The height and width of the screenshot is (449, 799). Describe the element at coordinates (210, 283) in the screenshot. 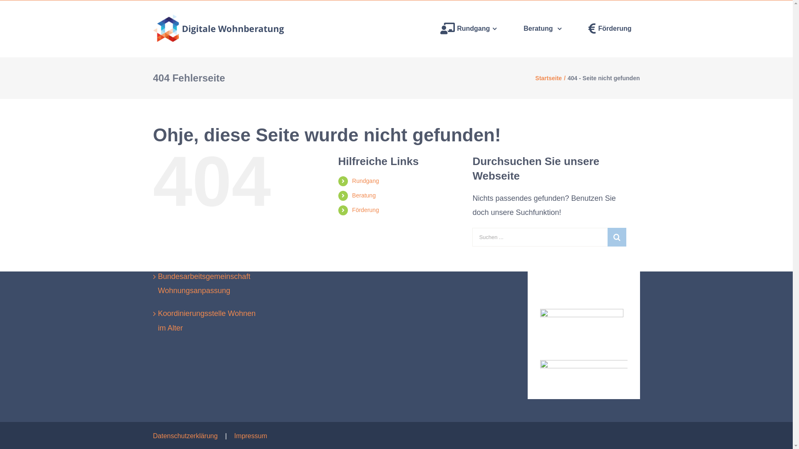

I see `'Bundesarbeitsgemeinschaft Wohnungsanpassung'` at that location.